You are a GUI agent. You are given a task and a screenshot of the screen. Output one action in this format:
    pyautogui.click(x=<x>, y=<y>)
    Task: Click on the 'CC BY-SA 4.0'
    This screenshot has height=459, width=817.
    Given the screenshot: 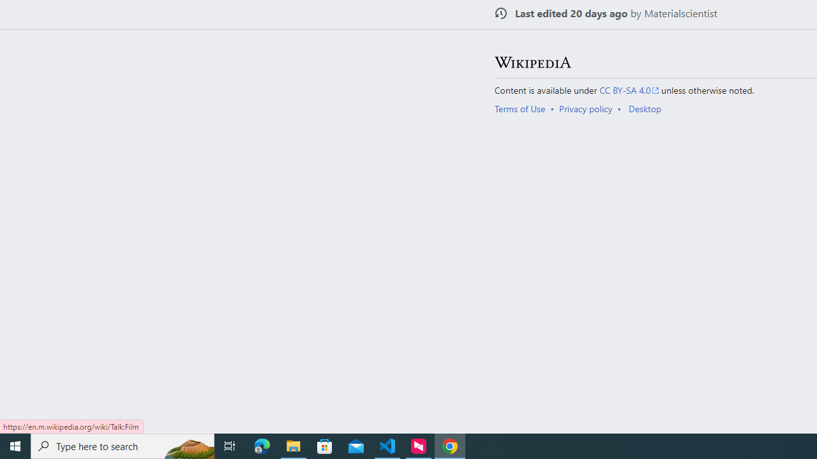 What is the action you would take?
    pyautogui.click(x=629, y=89)
    